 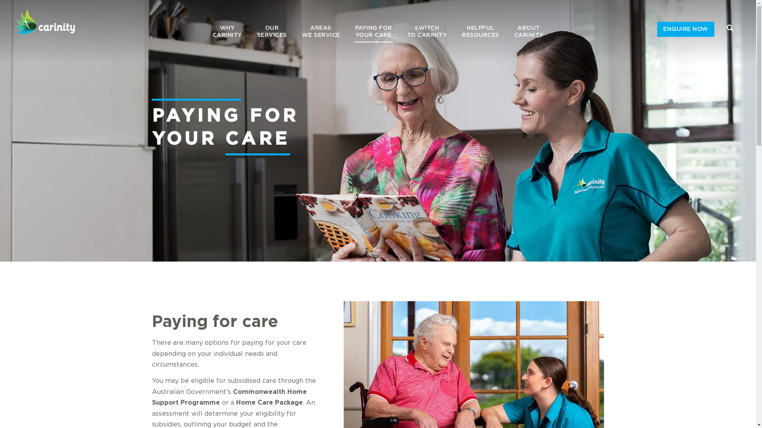 What do you see at coordinates (226, 31) in the screenshot?
I see `'WHY` at bounding box center [226, 31].